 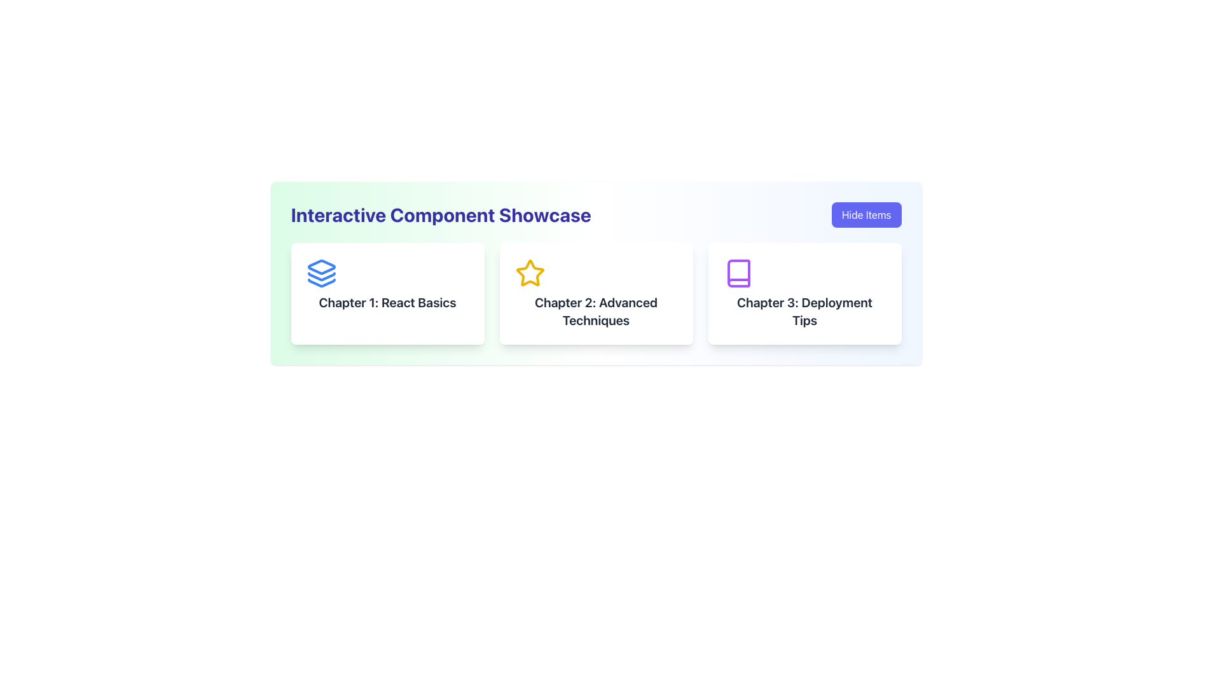 What do you see at coordinates (530, 272) in the screenshot?
I see `the star icon that denotes importance for 'Chapter 2: Advanced Techniques' in the middle card of the three-card layout` at bounding box center [530, 272].